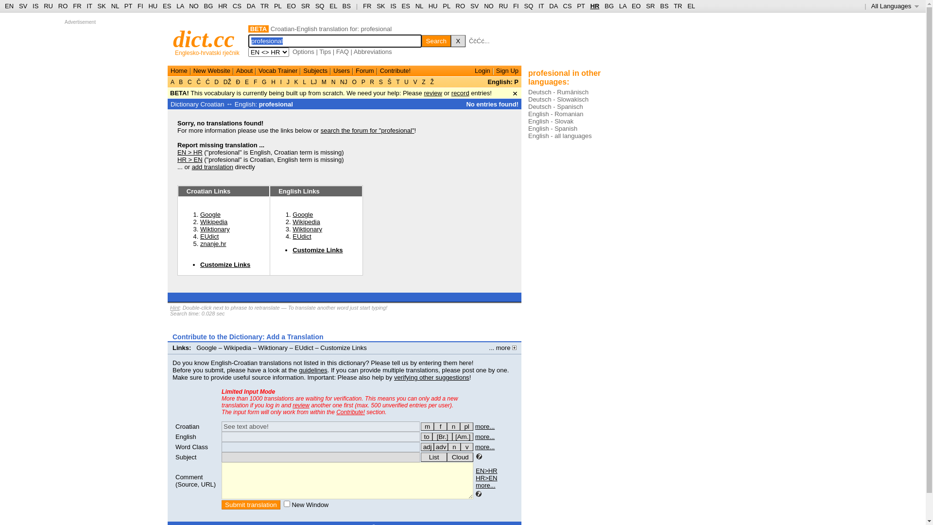 This screenshot has height=525, width=933. Describe the element at coordinates (175, 436) in the screenshot. I see `'English'` at that location.